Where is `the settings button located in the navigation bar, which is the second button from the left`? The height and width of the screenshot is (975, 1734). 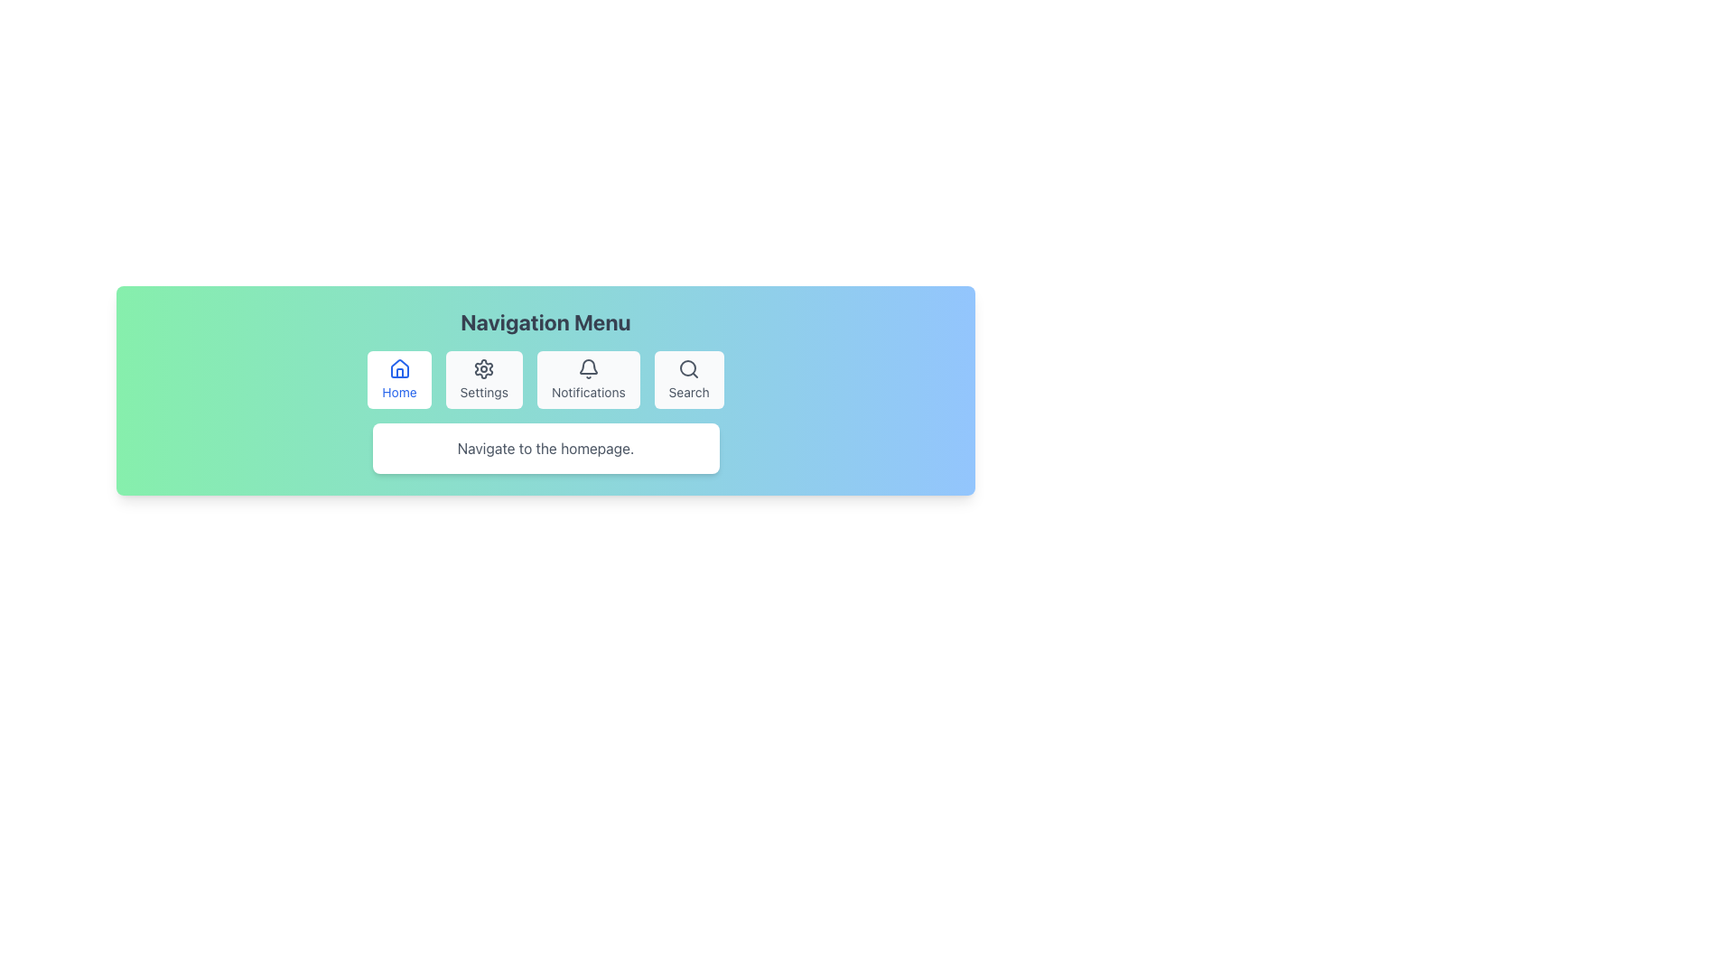 the settings button located in the navigation bar, which is the second button from the left is located at coordinates (484, 378).